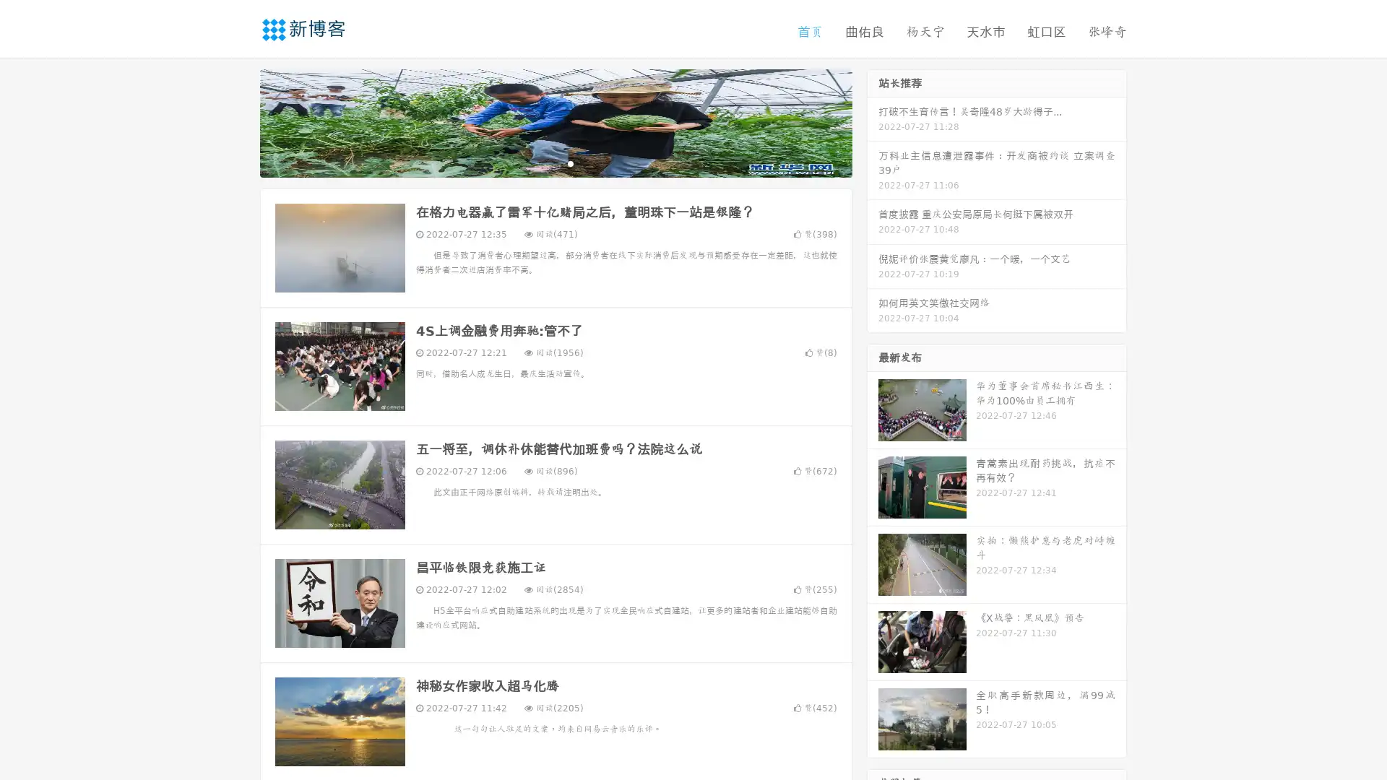 The height and width of the screenshot is (780, 1387). I want to click on Go to slide 2, so click(555, 162).